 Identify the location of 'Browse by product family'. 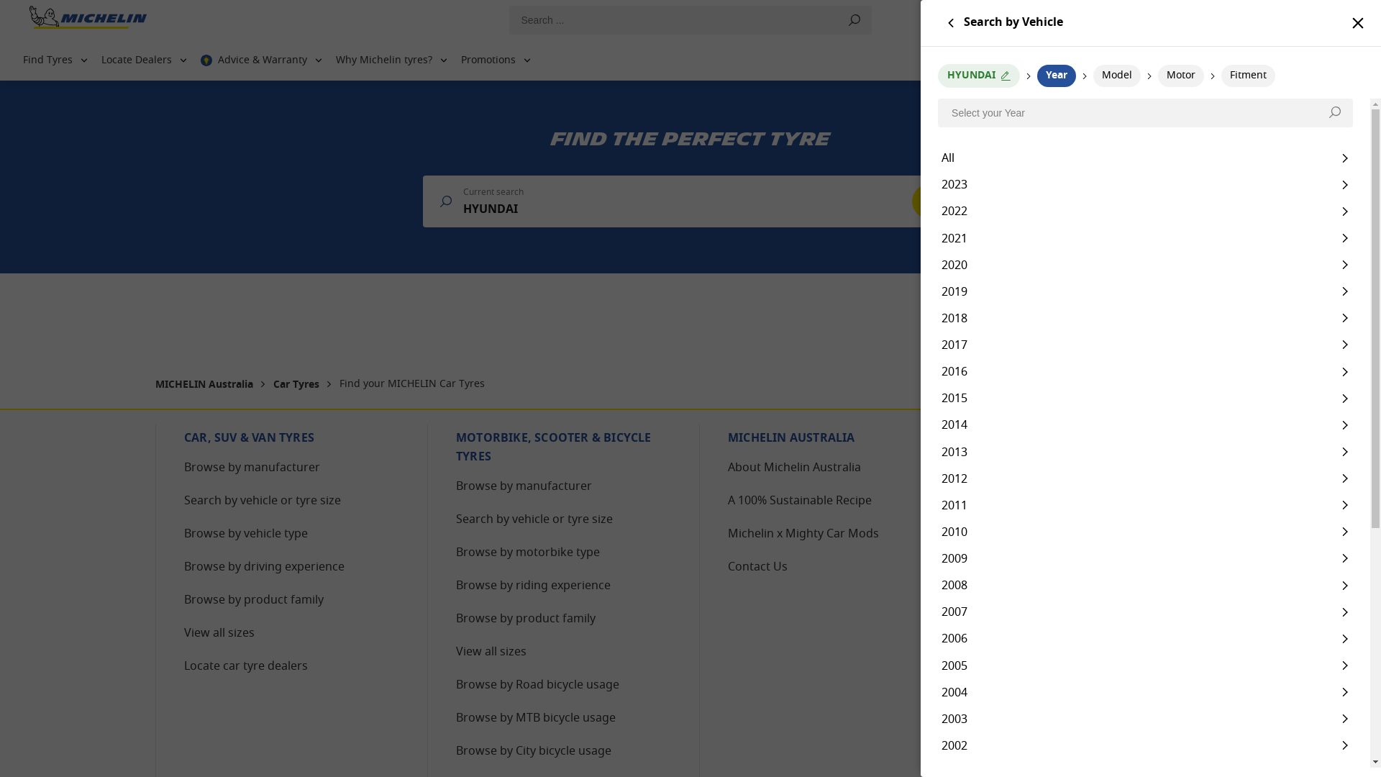
(254, 600).